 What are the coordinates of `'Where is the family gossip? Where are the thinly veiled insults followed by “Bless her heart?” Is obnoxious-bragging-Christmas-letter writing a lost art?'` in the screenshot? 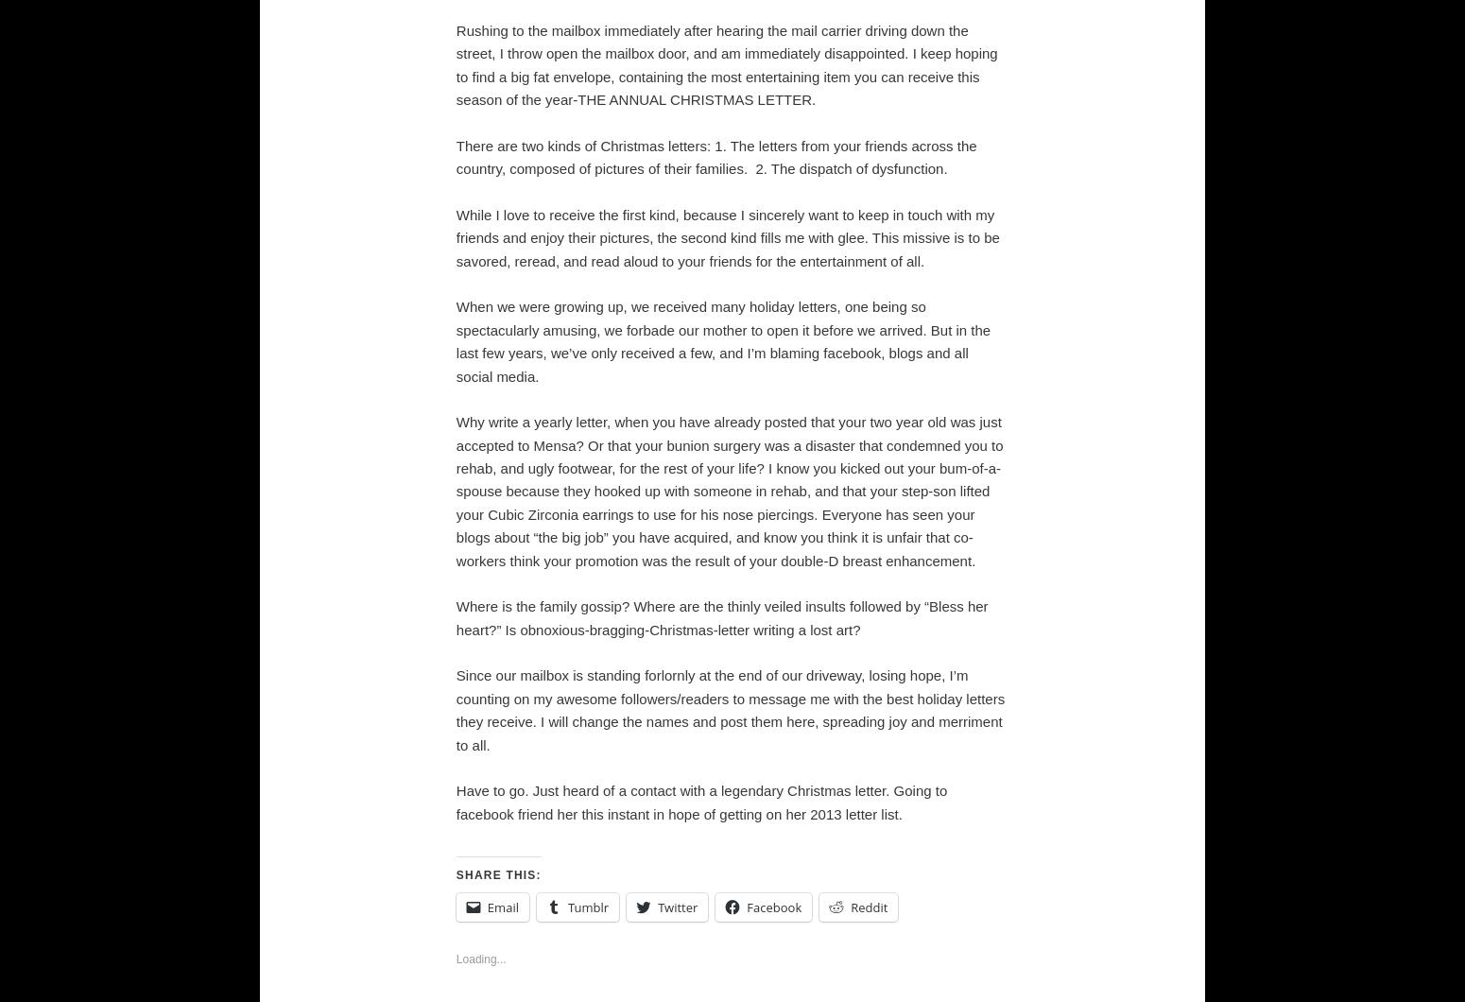 It's located at (721, 617).